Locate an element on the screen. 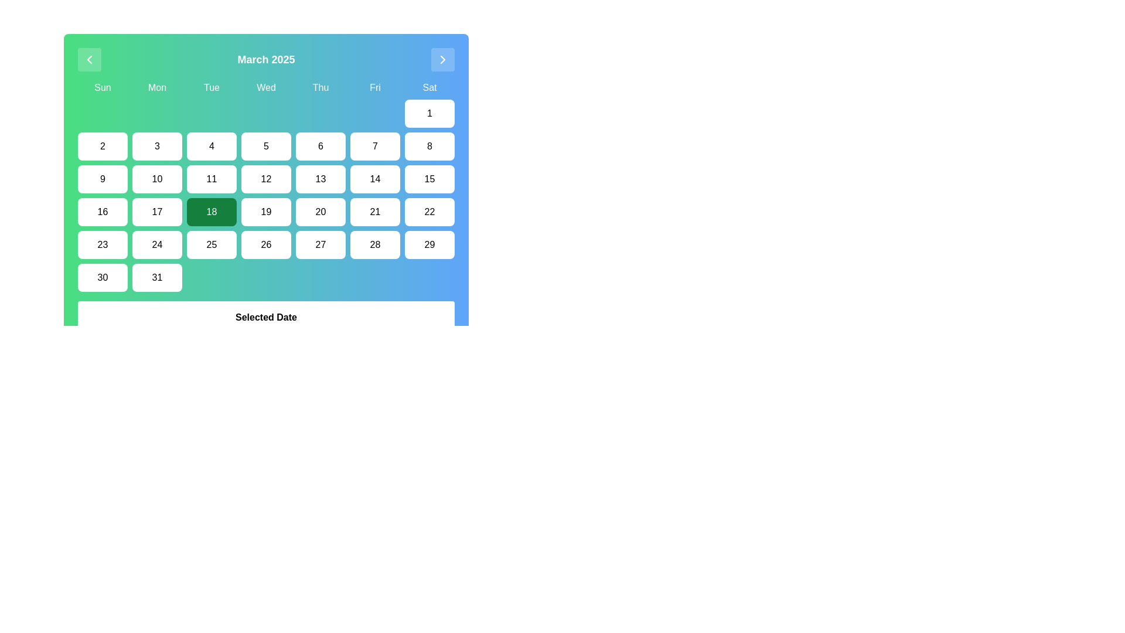 Image resolution: width=1125 pixels, height=633 pixels. the interactive button located in the bottom-right corner of the calendar grid is located at coordinates (156, 278).